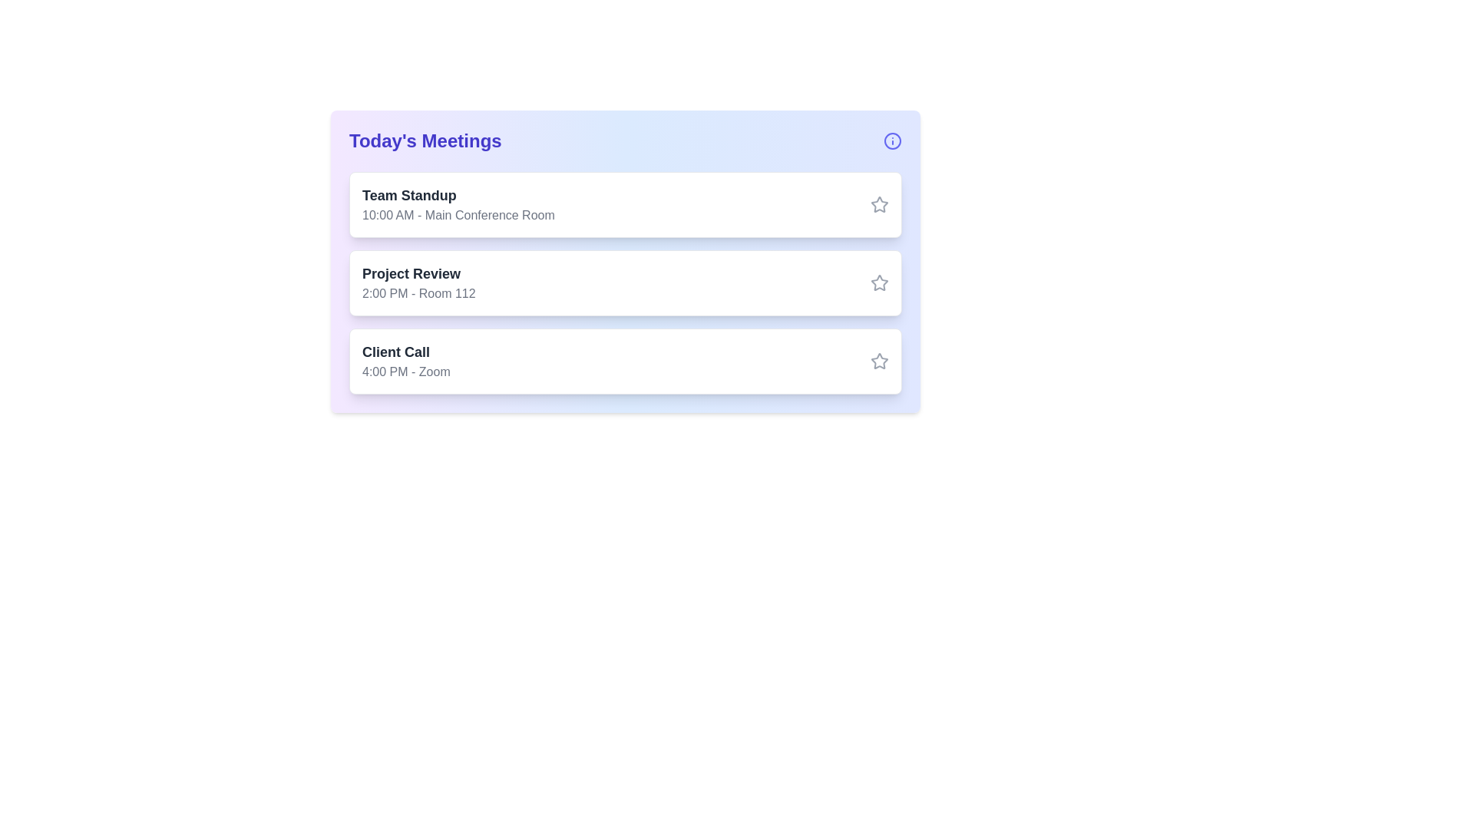 Image resolution: width=1474 pixels, height=829 pixels. Describe the element at coordinates (880, 361) in the screenshot. I see `the third star icon in the 'Client Call' card, located to the far right of the text '4:00 PM - Zoom'` at that location.